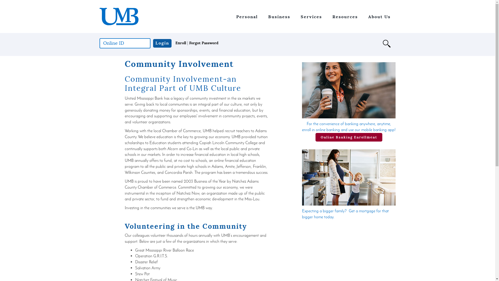  I want to click on 'United Mississippi Bank, Natchez, MS', so click(99, 16).